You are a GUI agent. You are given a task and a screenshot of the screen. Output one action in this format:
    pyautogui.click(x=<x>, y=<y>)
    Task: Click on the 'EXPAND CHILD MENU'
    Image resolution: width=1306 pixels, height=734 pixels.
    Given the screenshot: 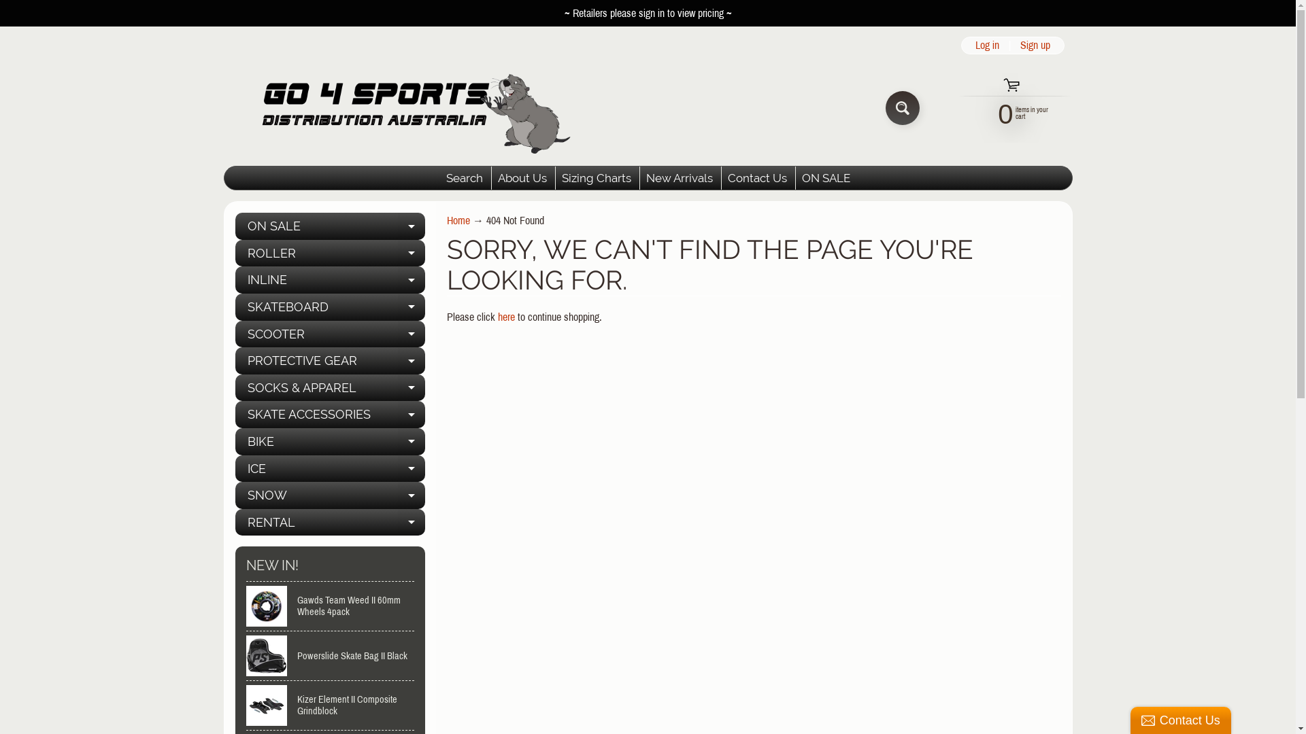 What is the action you would take?
    pyautogui.click(x=410, y=279)
    